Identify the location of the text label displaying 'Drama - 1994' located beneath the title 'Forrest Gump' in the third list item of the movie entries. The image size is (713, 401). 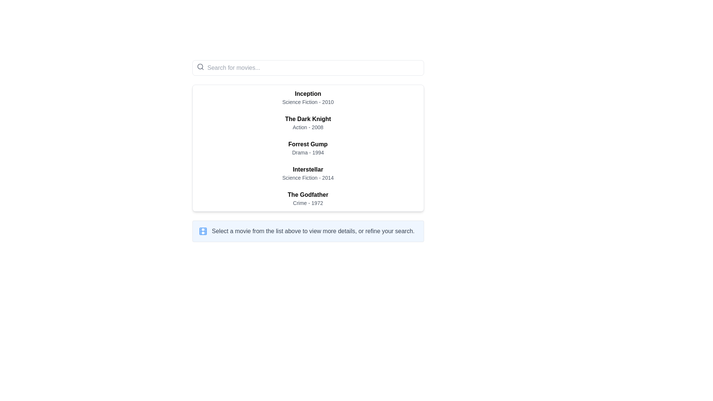
(308, 152).